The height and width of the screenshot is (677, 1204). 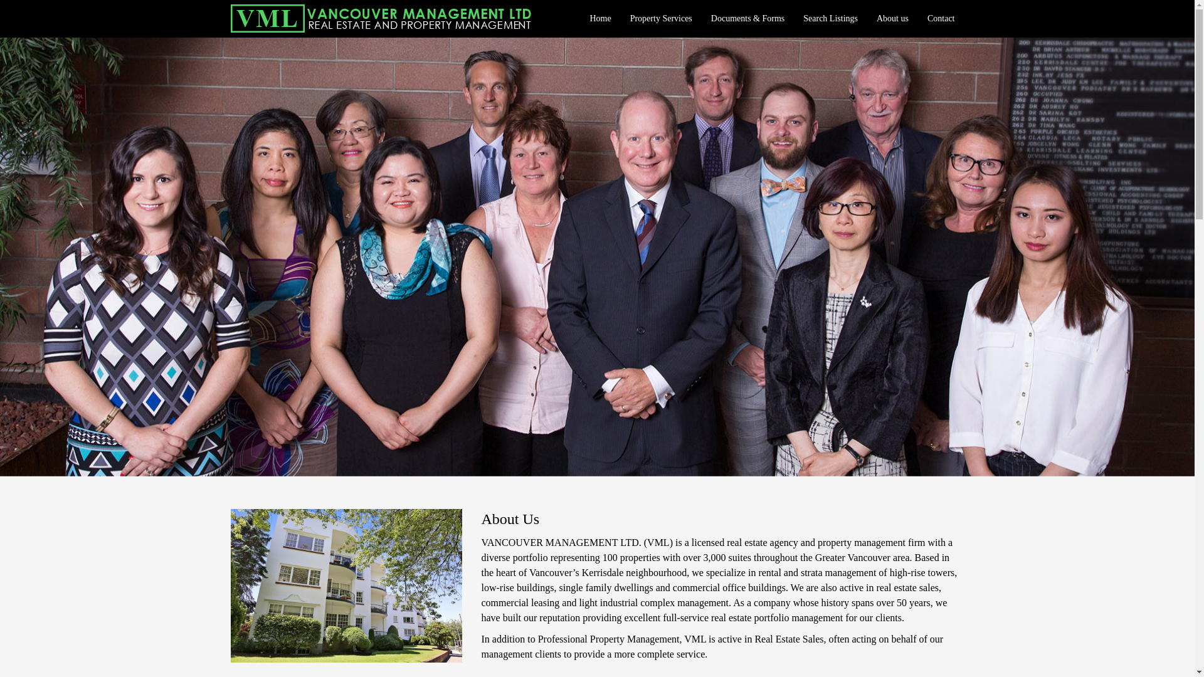 I want to click on 'About us', so click(x=892, y=19).